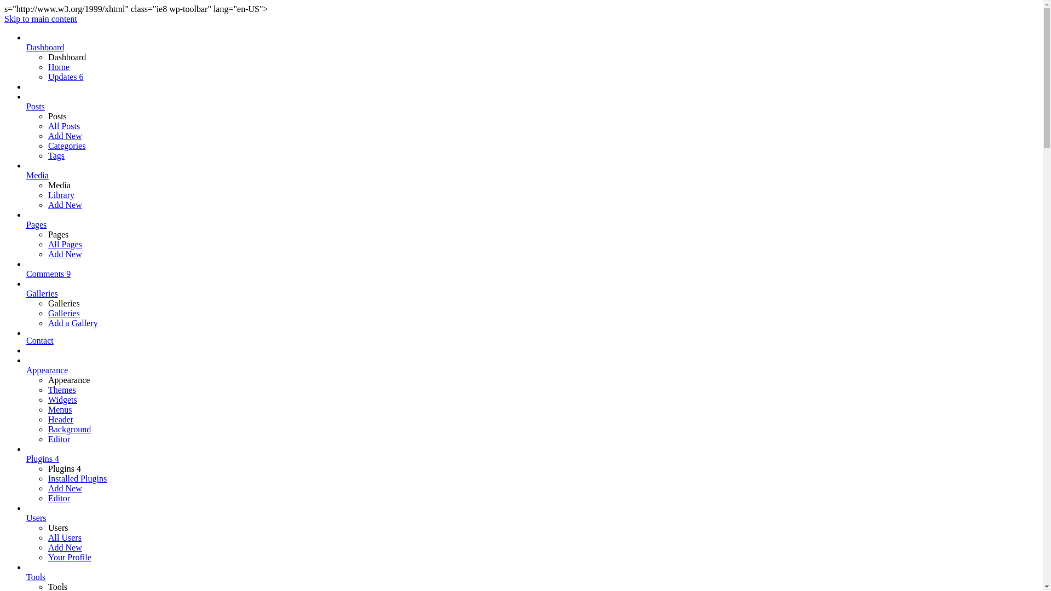  I want to click on 'Widgets', so click(62, 399).